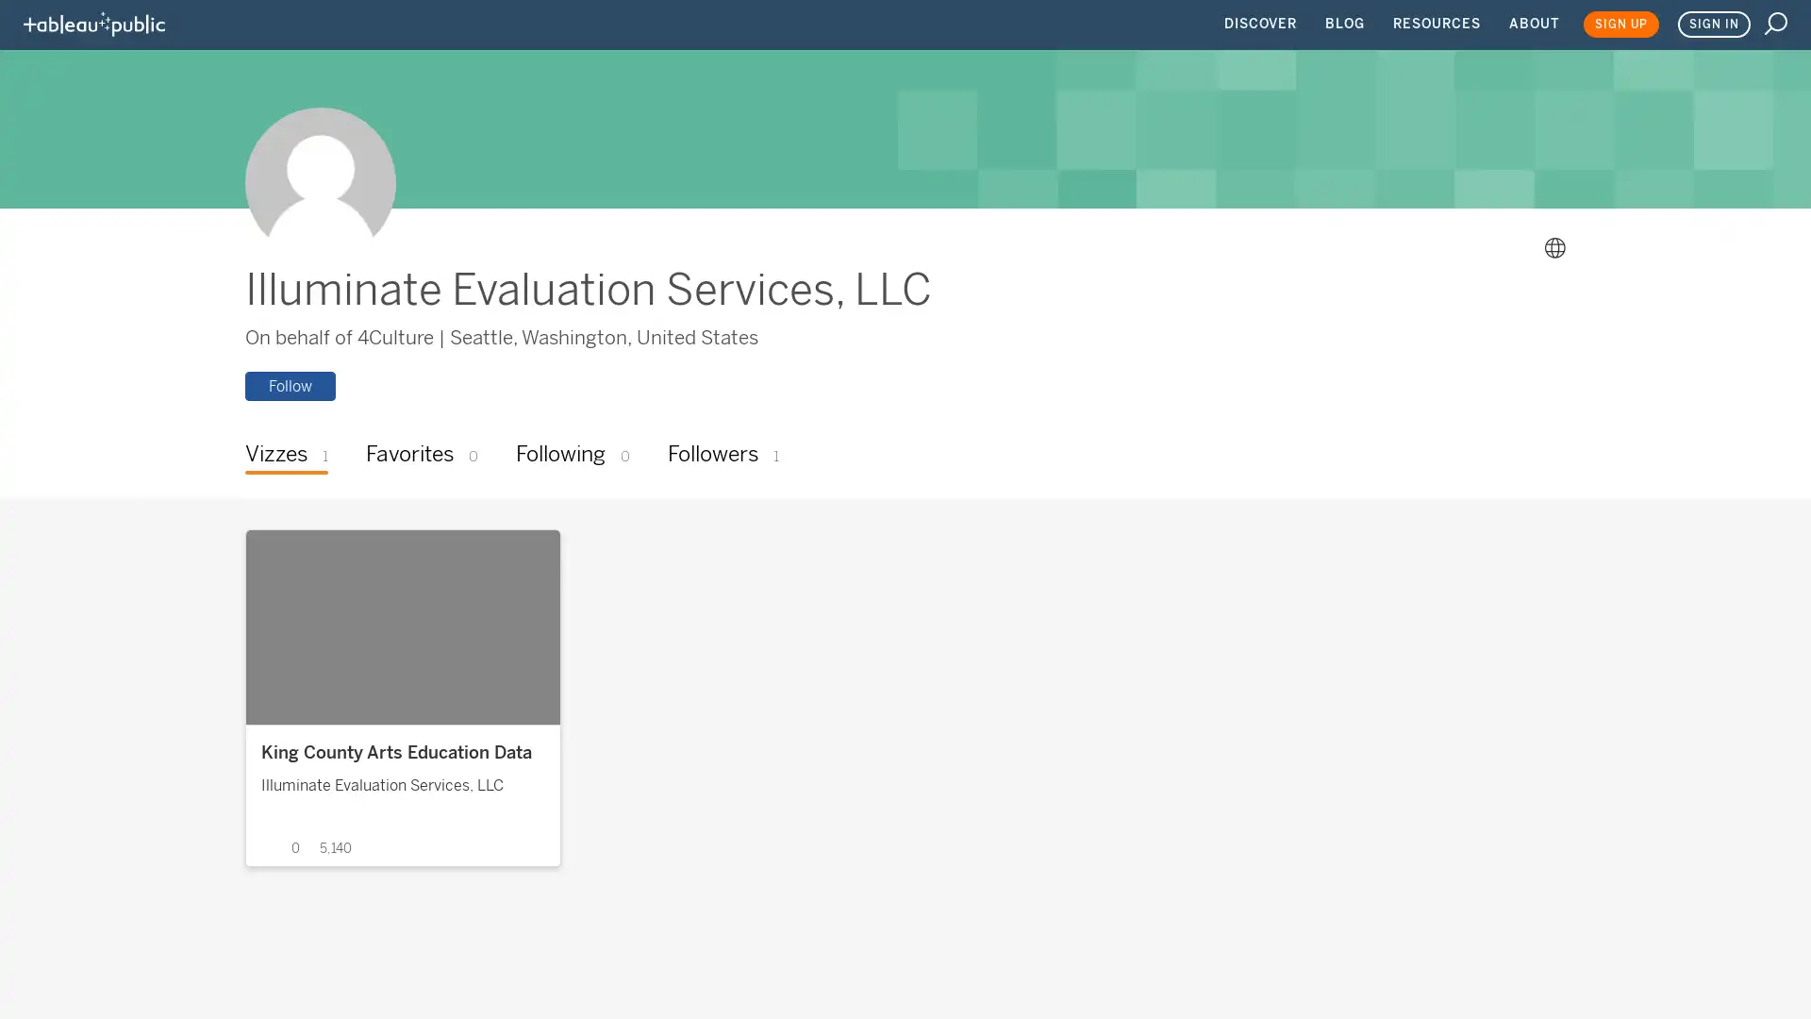 The image size is (1811, 1019). What do you see at coordinates (421, 456) in the screenshot?
I see `Favorites 0` at bounding box center [421, 456].